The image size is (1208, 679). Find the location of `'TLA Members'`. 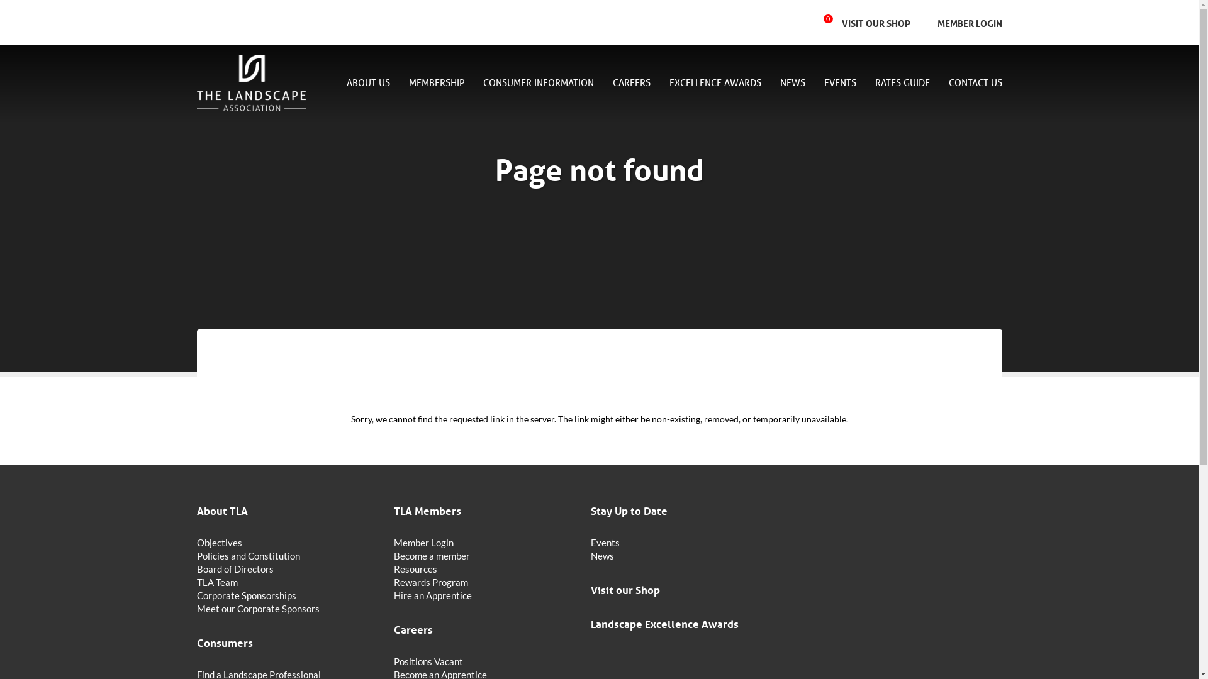

'TLA Members' is located at coordinates (393, 509).